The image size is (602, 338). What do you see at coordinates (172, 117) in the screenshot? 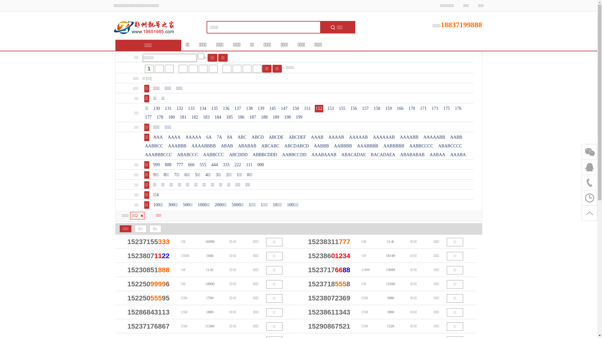
I see `'180'` at bounding box center [172, 117].